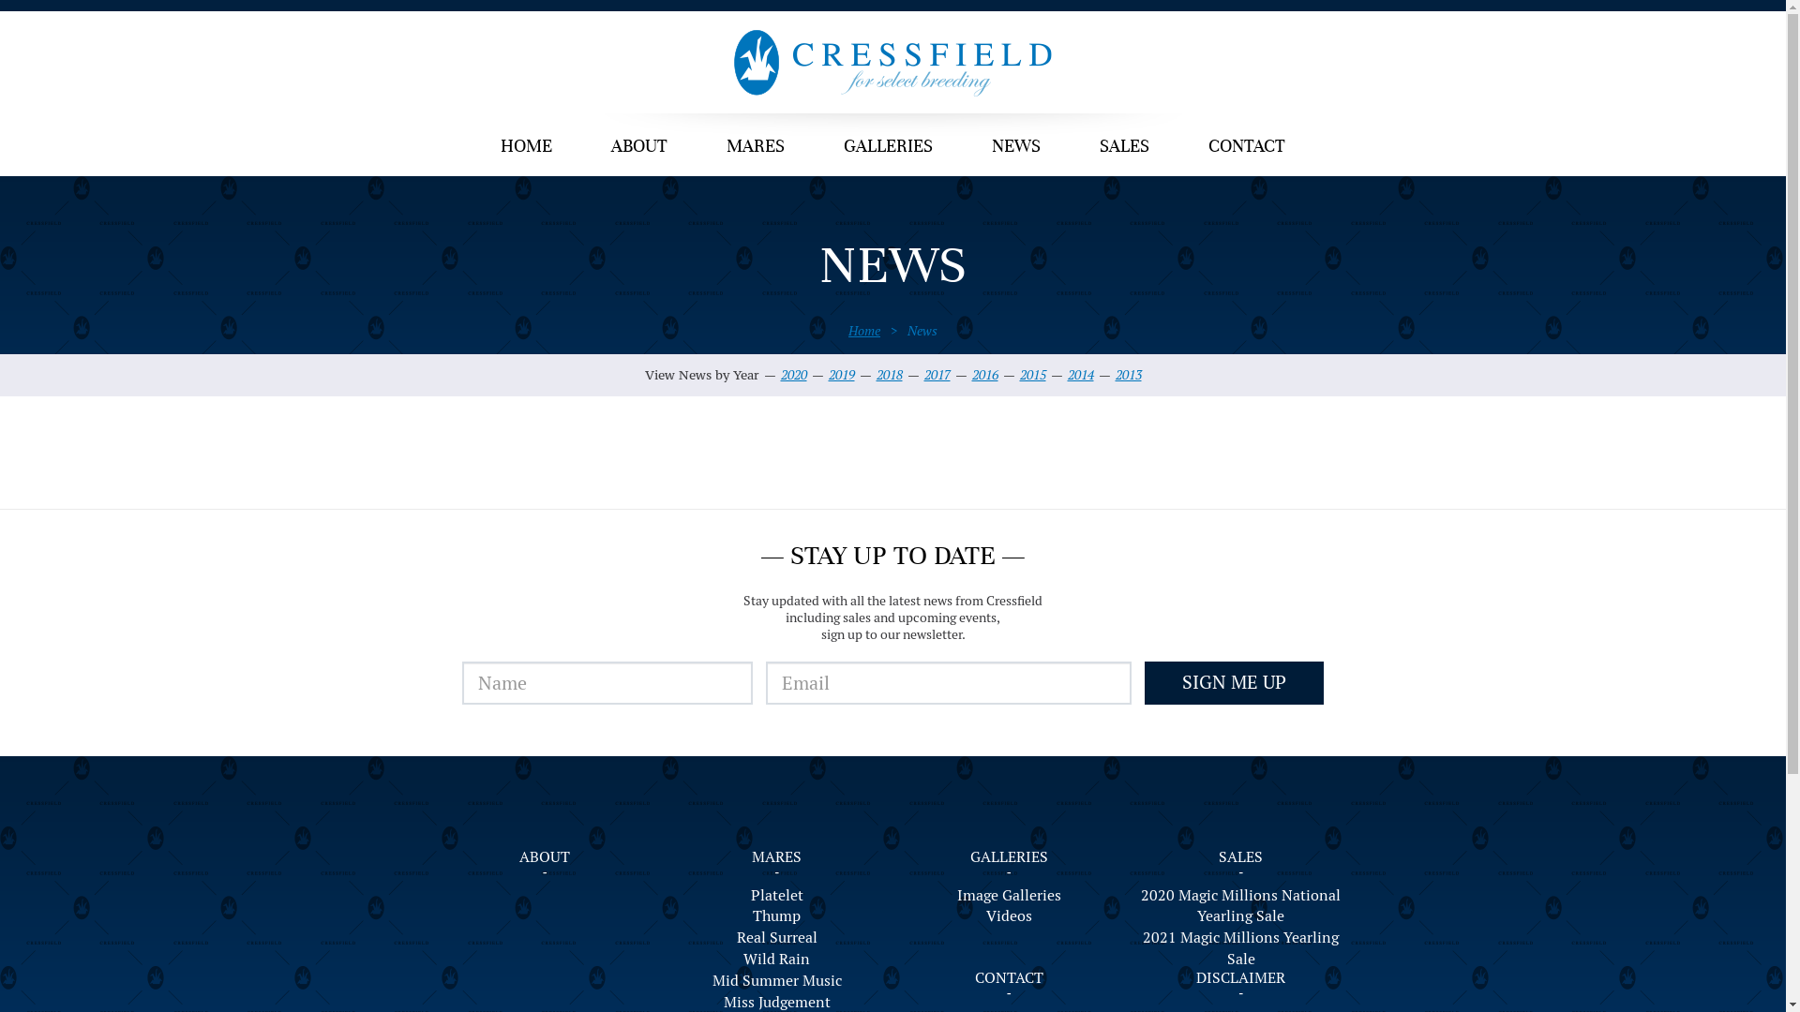 This screenshot has width=1800, height=1012. What do you see at coordinates (1241, 906) in the screenshot?
I see `'2020 Magic Millions National Yearling Sale'` at bounding box center [1241, 906].